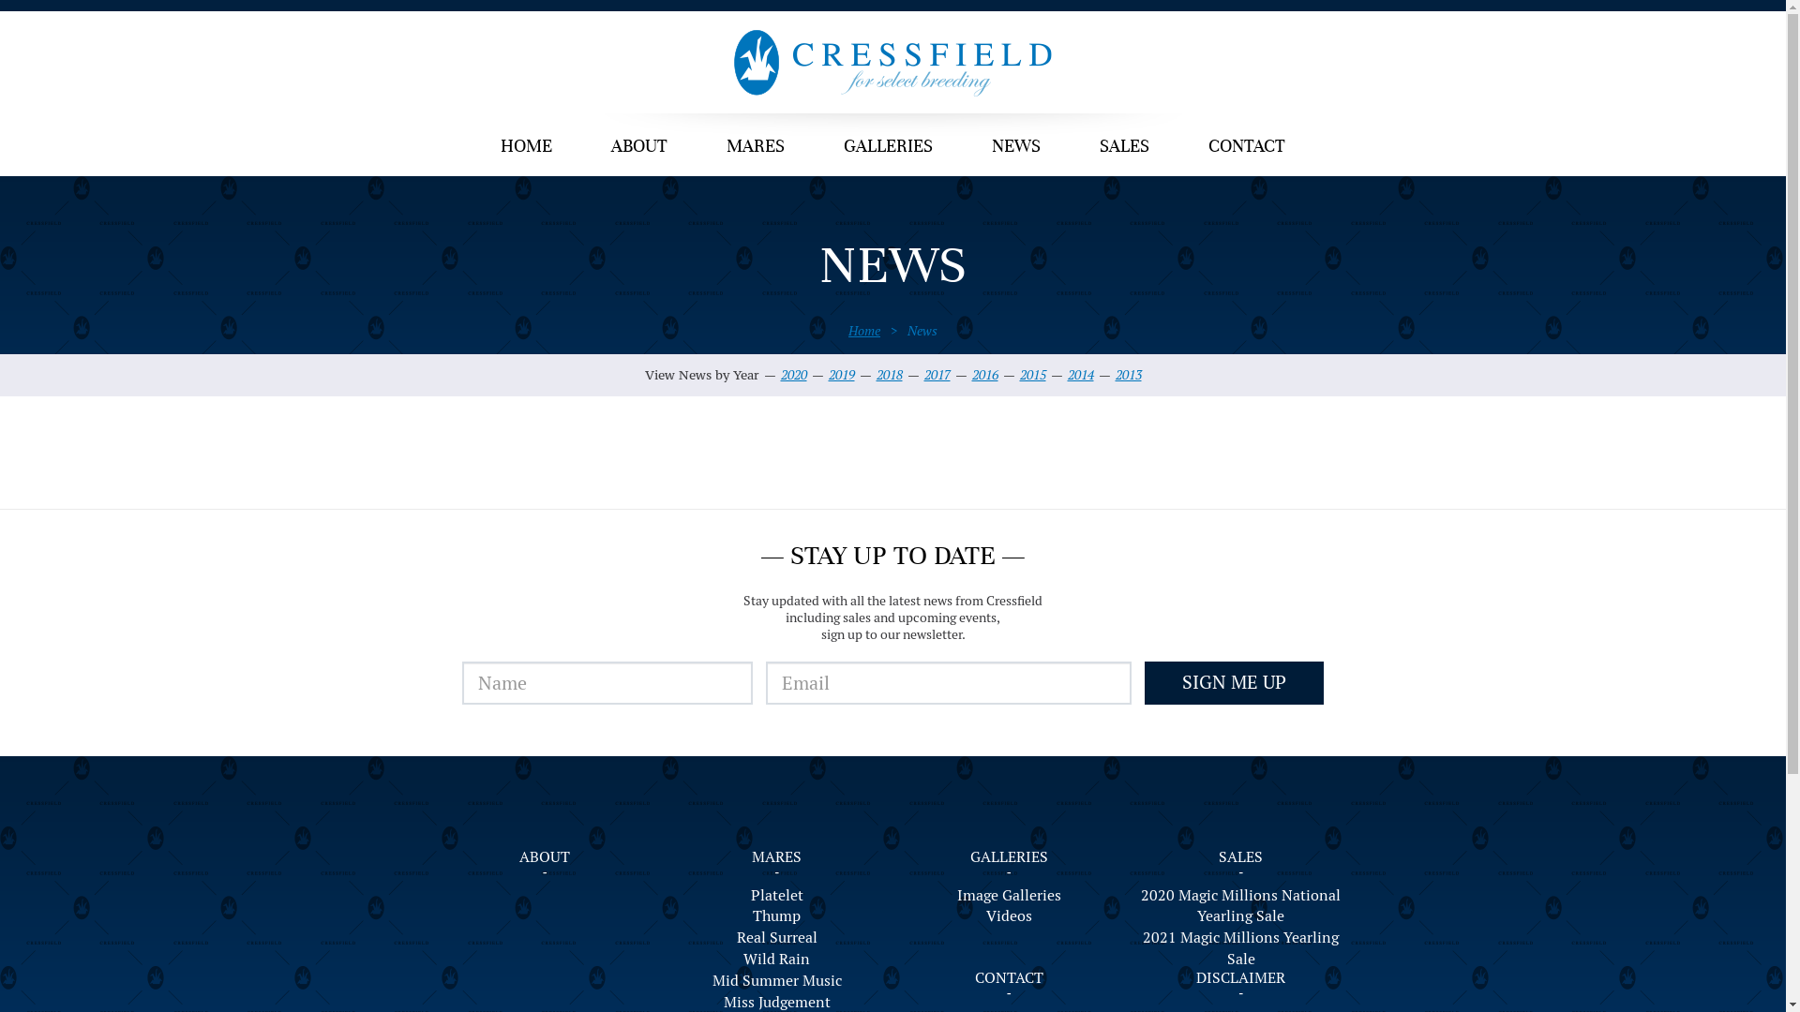 This screenshot has width=1800, height=1012. What do you see at coordinates (1241, 906) in the screenshot?
I see `'2020 Magic Millions National Yearling Sale'` at bounding box center [1241, 906].